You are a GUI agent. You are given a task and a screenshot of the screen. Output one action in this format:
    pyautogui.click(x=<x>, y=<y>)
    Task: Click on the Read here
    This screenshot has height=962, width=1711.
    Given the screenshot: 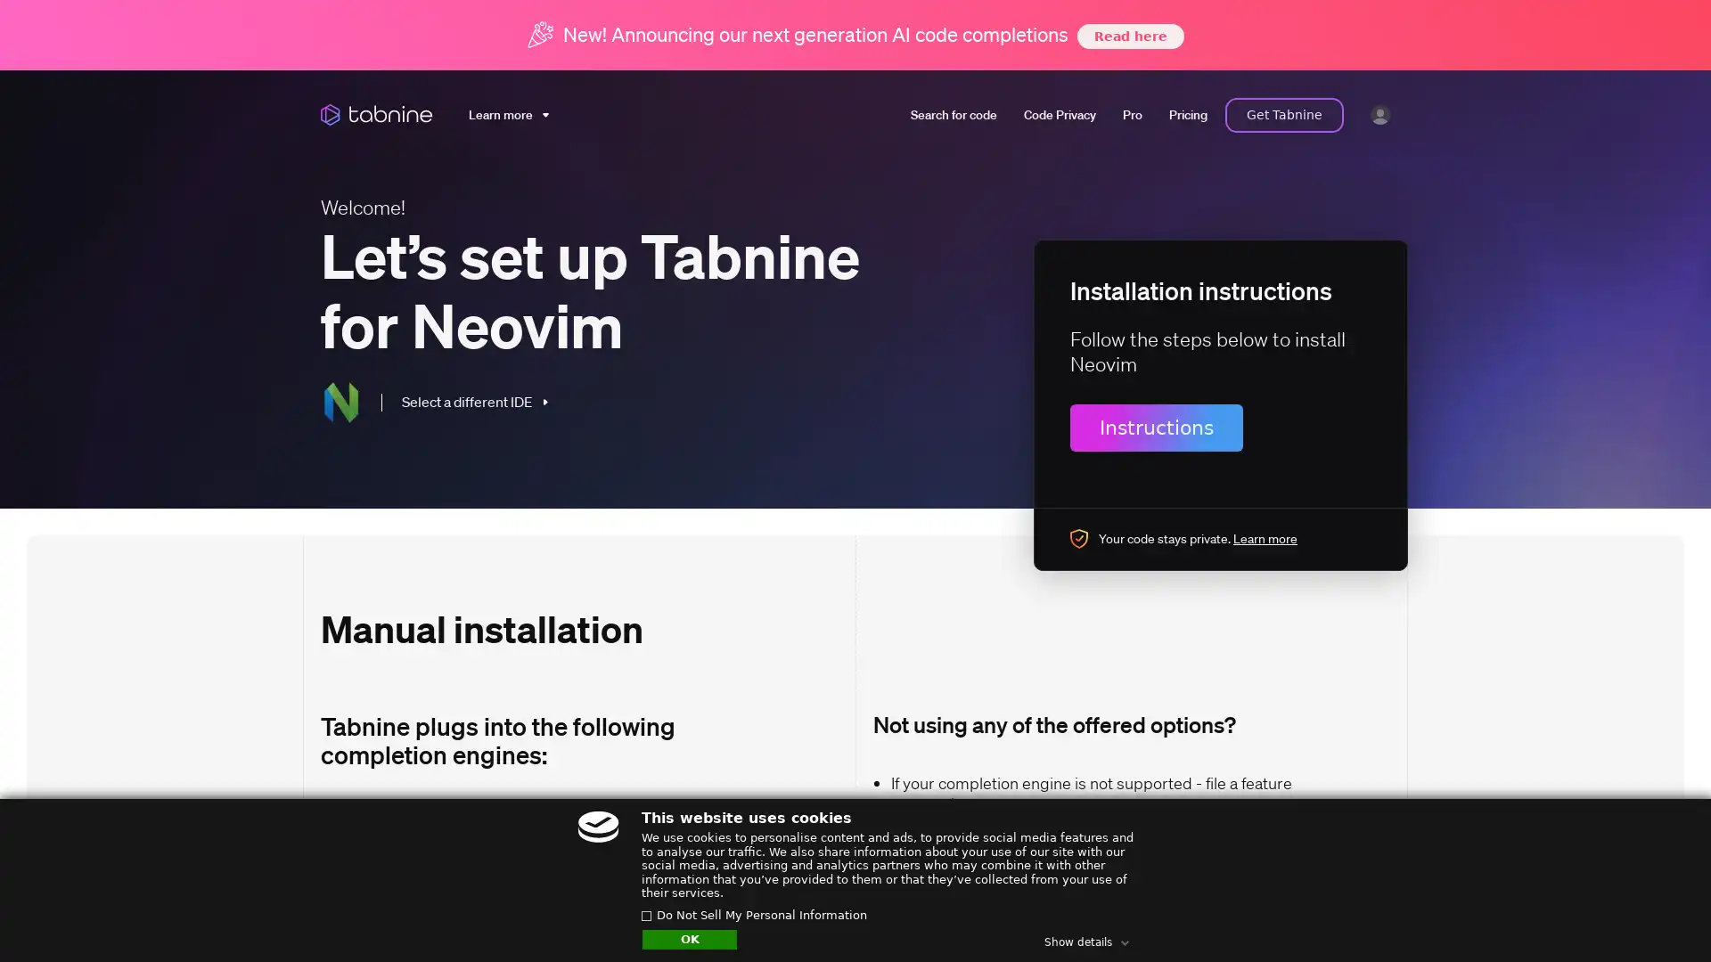 What is the action you would take?
    pyautogui.click(x=1128, y=35)
    